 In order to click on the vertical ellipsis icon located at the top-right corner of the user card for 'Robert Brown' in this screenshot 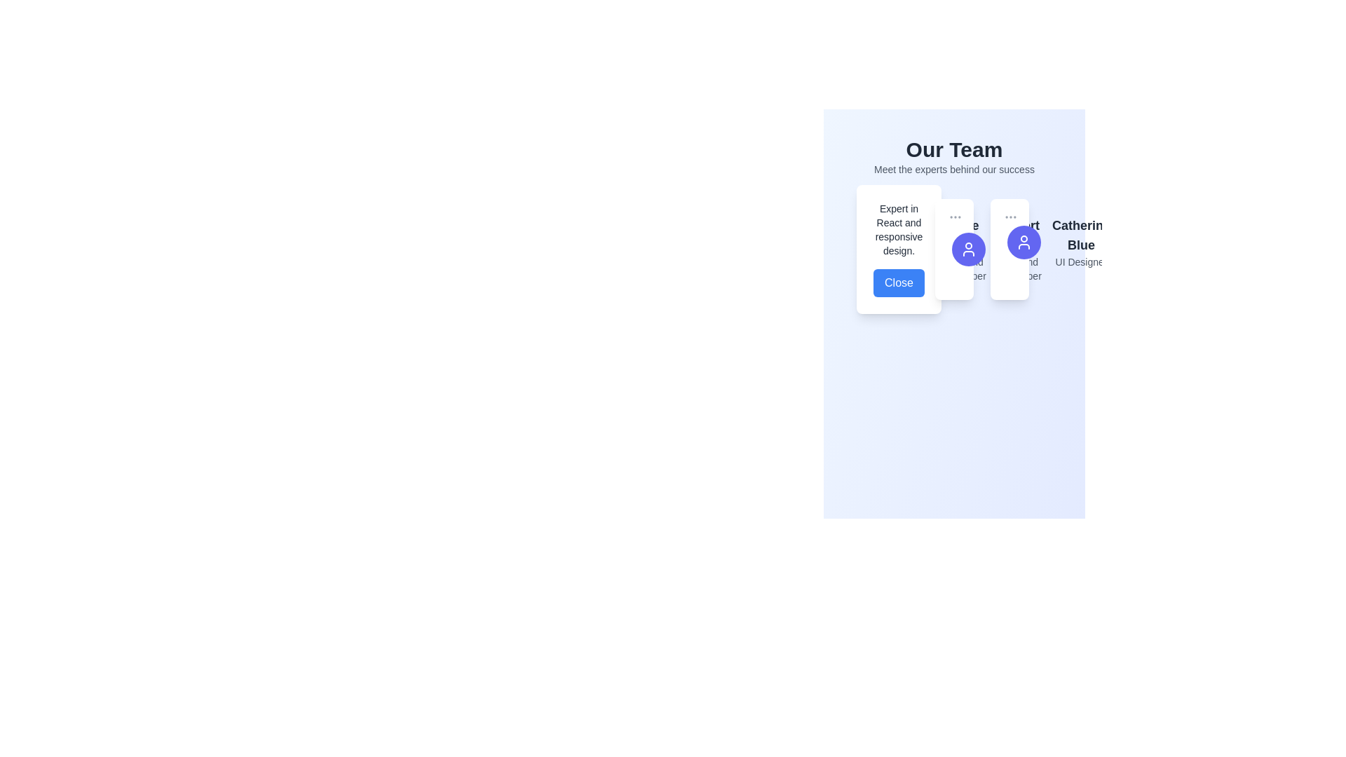, I will do `click(955, 217)`.